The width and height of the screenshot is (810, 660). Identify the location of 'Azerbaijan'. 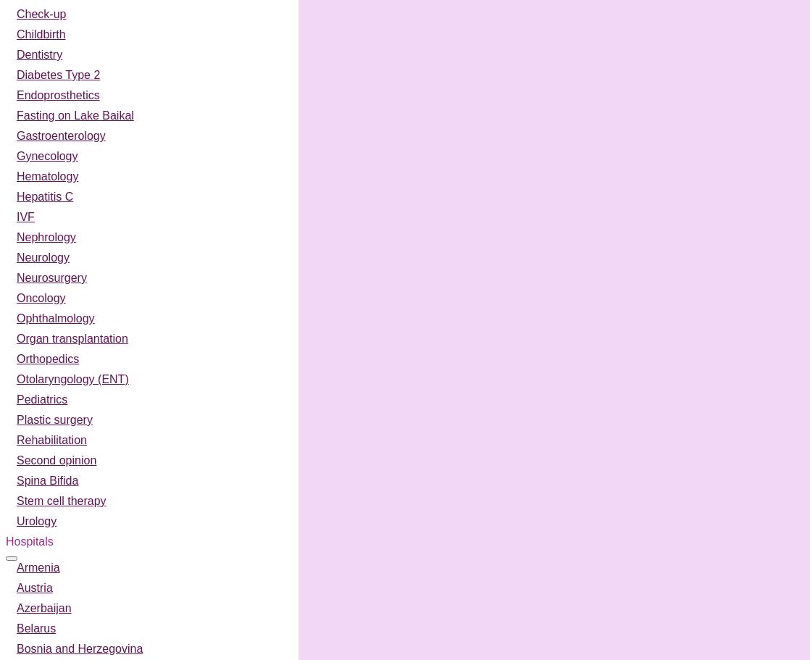
(43, 607).